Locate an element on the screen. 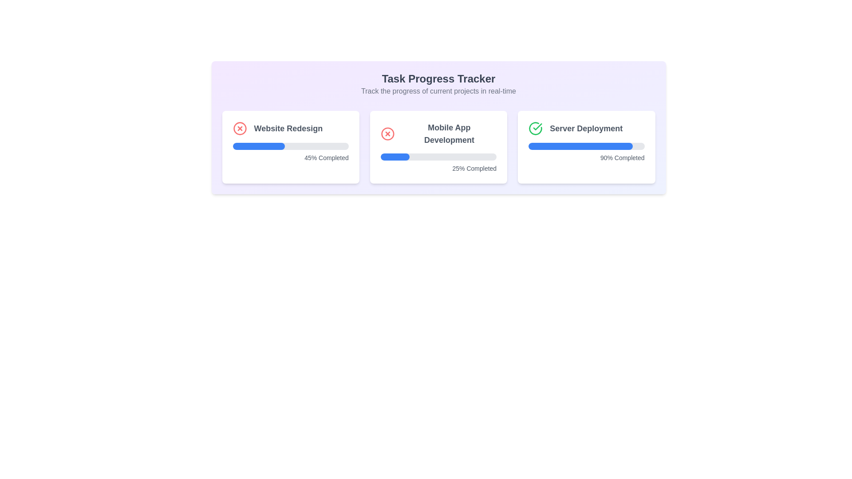  'Mobile App Development' heading located in the middle card of the 'Task Progress Tracker' interface, which features a red circular X icon beside it is located at coordinates (438, 133).